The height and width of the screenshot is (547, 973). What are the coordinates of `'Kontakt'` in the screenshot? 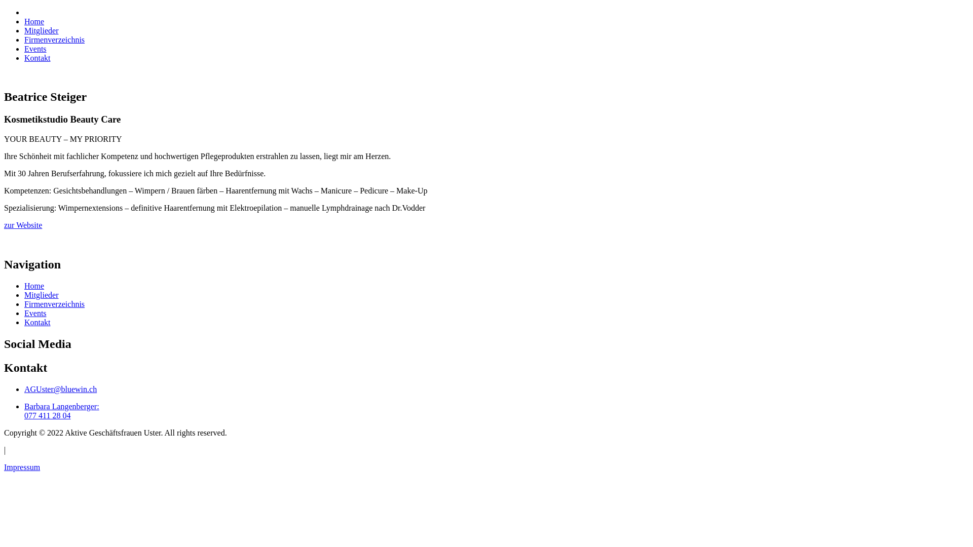 It's located at (37, 322).